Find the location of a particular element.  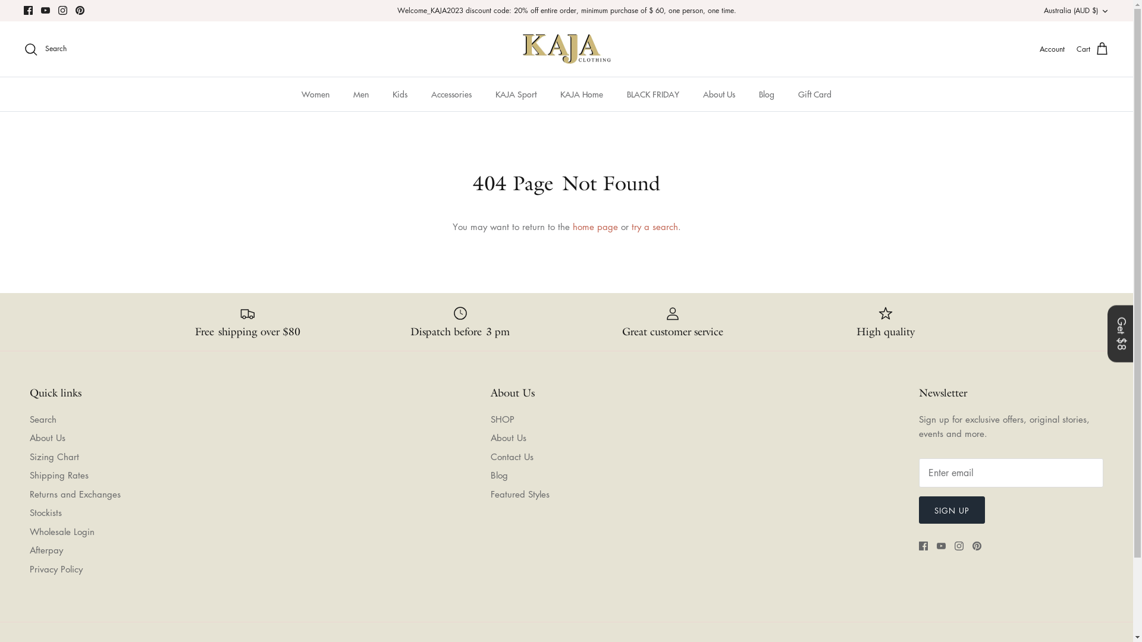

'Kids' is located at coordinates (400, 93).